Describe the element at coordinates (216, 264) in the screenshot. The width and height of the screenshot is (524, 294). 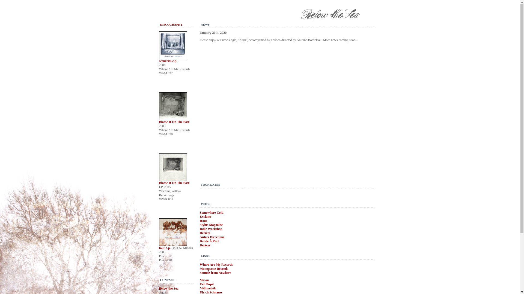
I see `'Where Are My Records'` at that location.